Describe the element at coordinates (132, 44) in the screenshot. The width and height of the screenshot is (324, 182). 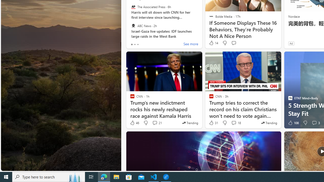
I see `'tab-0'` at that location.